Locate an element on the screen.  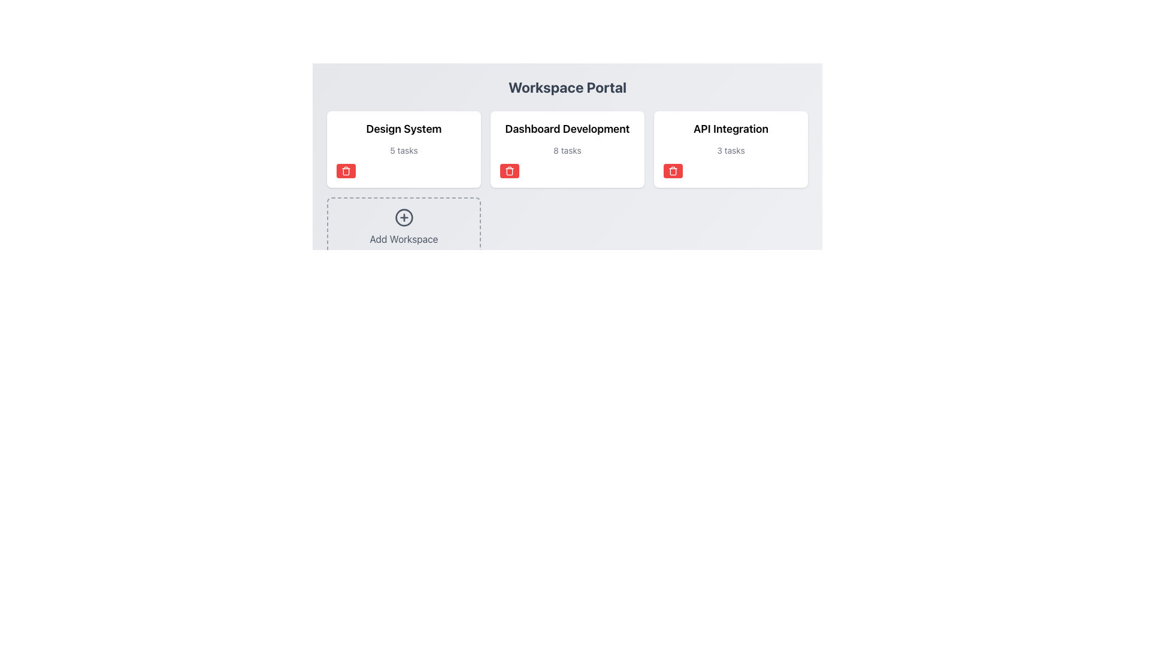
the deletion button located in the bottom-left corner of the 'Dashboard Development' panel is located at coordinates (509, 170).